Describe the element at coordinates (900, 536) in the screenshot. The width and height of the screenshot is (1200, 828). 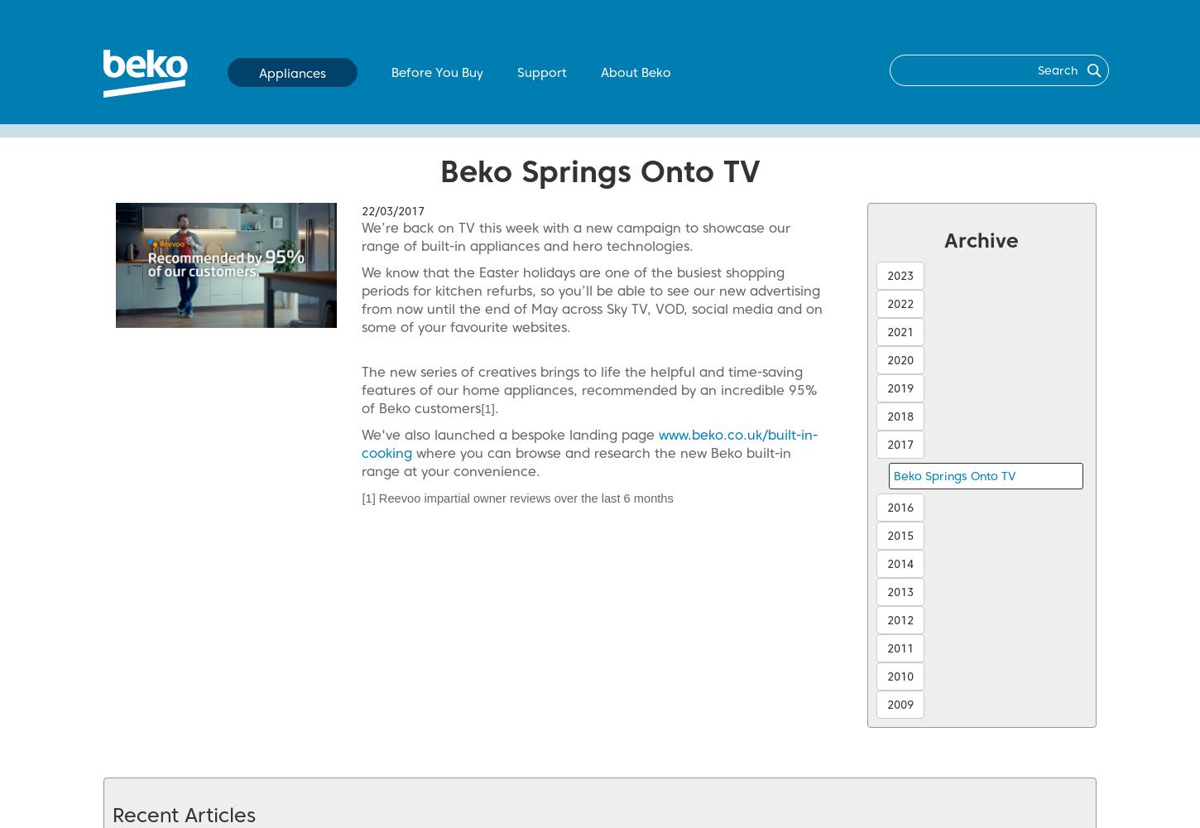
I see `'2015'` at that location.